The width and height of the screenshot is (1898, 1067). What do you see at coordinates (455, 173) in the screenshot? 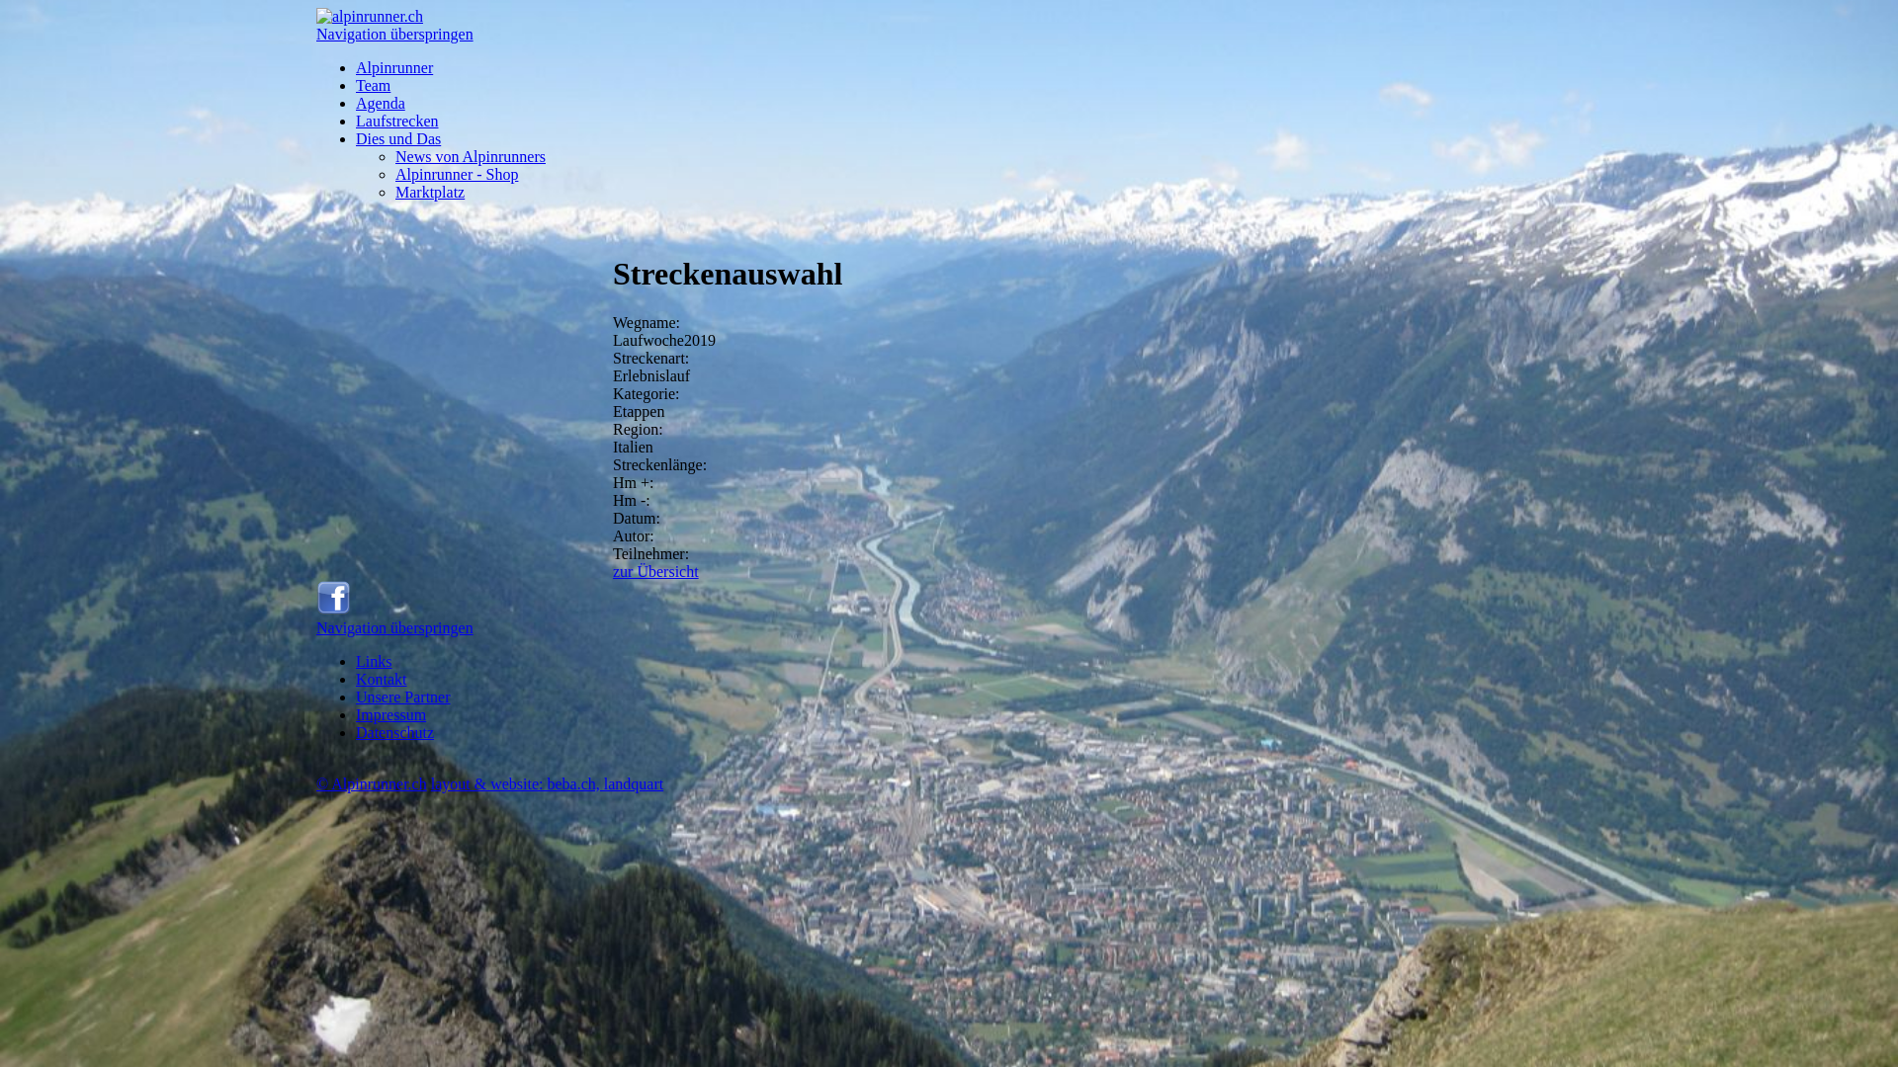
I see `'Alpinrunner - Shop'` at bounding box center [455, 173].